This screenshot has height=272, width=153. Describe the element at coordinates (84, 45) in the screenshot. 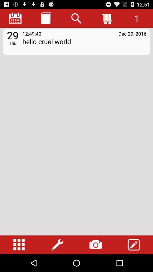

I see `the item to the right of the 29` at that location.